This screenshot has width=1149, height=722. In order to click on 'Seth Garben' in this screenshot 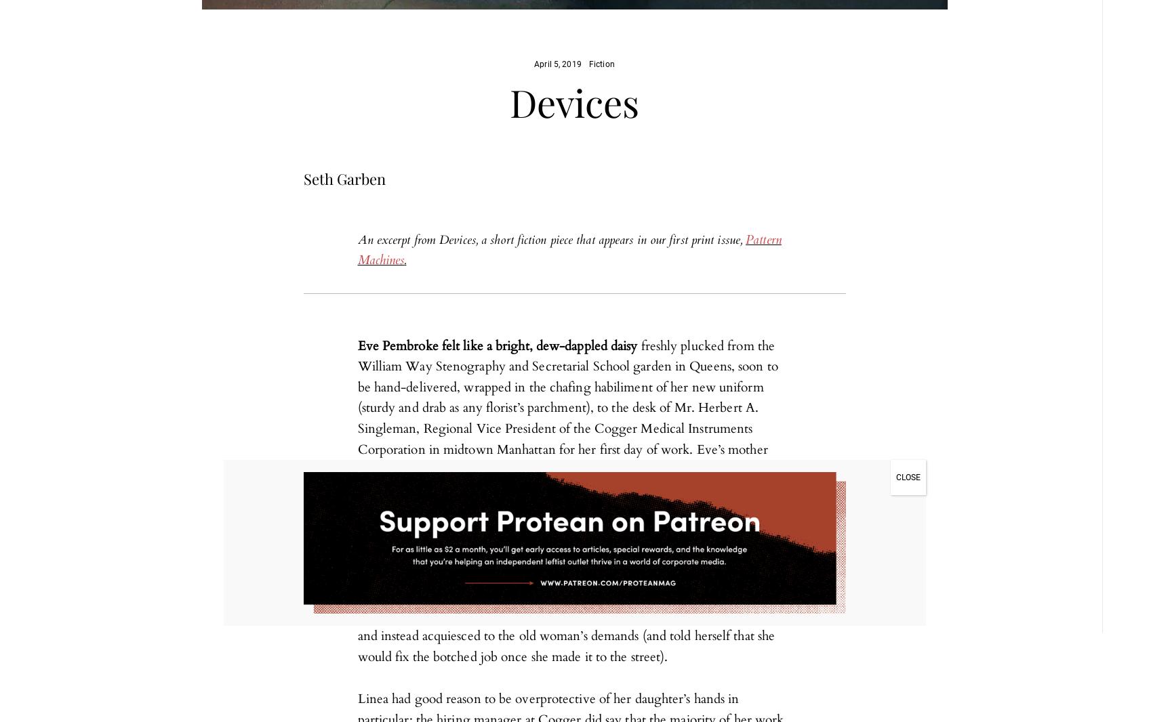, I will do `click(343, 177)`.